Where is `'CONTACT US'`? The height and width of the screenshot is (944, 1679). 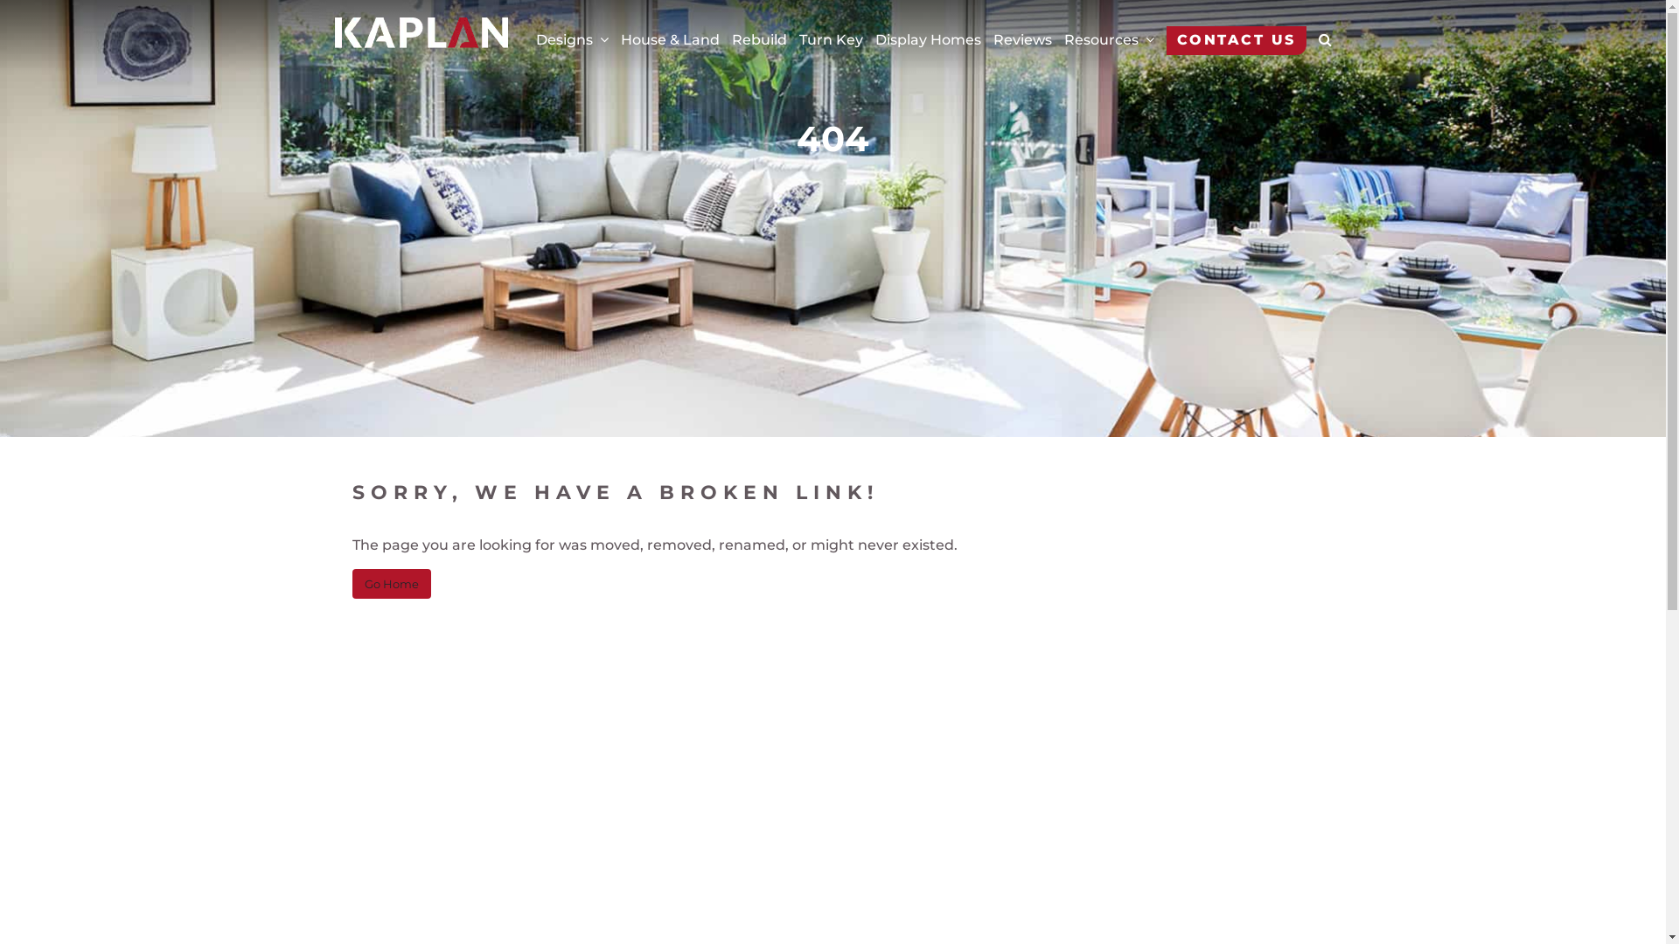 'CONTACT US' is located at coordinates (1236, 39).